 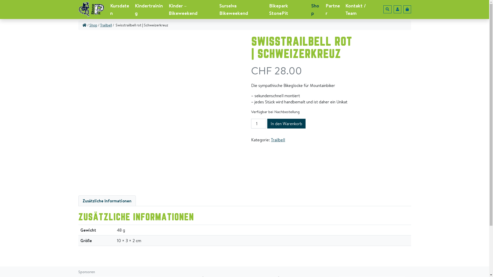 What do you see at coordinates (259, 124) in the screenshot?
I see `'Qty'` at bounding box center [259, 124].